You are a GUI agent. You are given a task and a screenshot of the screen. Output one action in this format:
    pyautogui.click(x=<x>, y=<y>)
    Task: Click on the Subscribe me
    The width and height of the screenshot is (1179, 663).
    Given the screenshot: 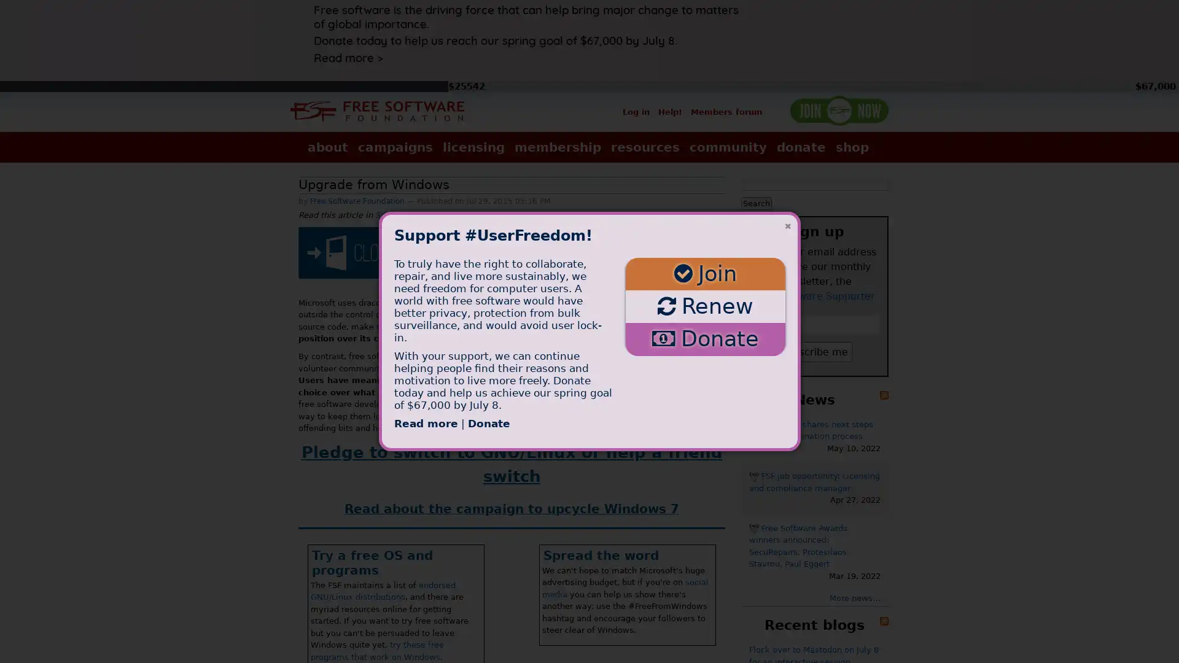 What is the action you would take?
    pyautogui.click(x=814, y=351)
    